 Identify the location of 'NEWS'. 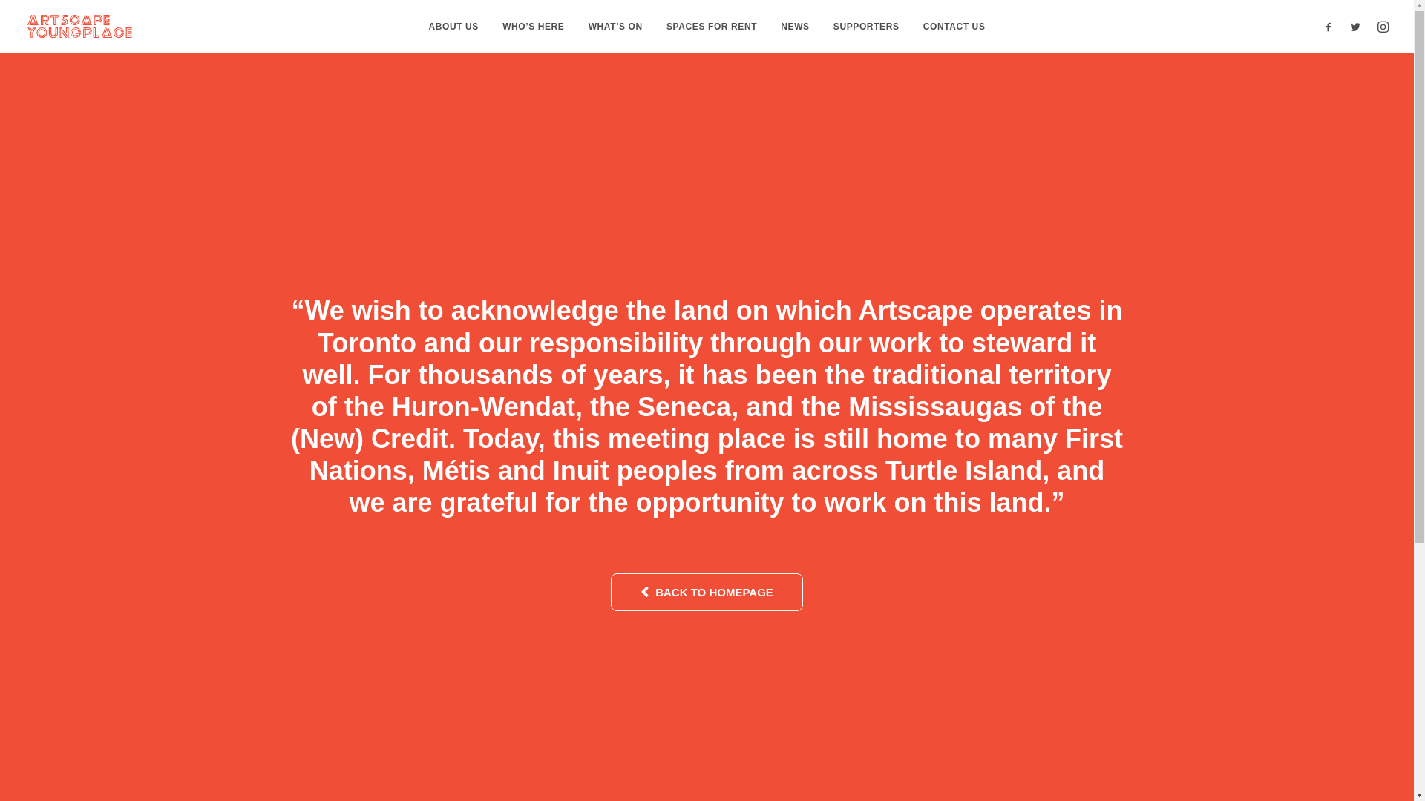
(793, 26).